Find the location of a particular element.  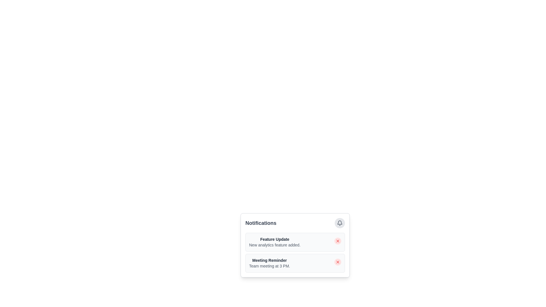

the circular button with a light red background and a white 'X' icon located on the top-right corner of the 'Feature Update' notification for accessibility is located at coordinates (338, 241).